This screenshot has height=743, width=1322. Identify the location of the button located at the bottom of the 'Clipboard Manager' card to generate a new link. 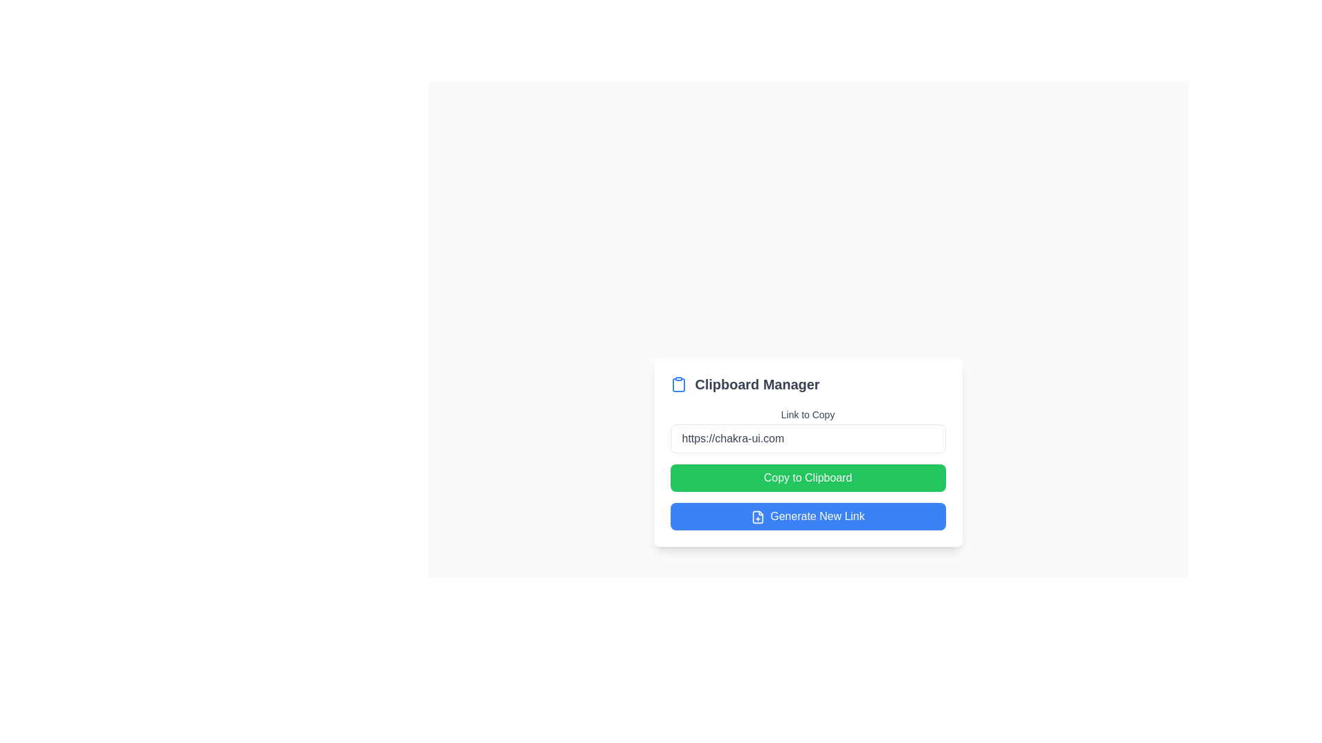
(808, 517).